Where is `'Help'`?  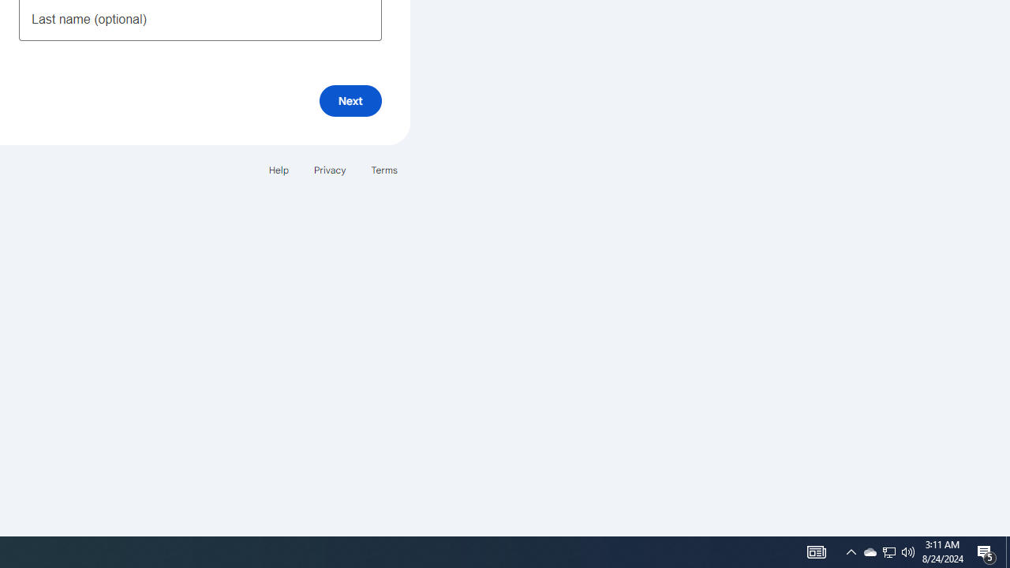 'Help' is located at coordinates (278, 170).